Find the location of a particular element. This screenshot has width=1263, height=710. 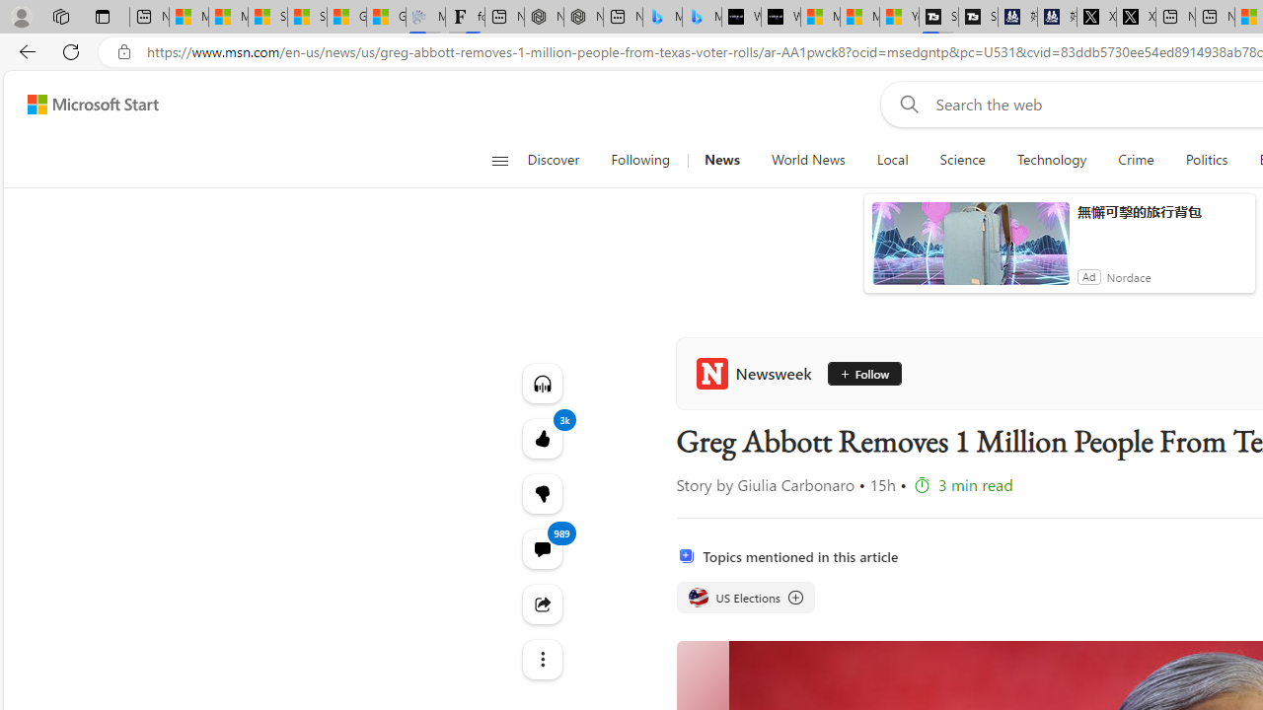

'Listen to this article' is located at coordinates (542, 383).